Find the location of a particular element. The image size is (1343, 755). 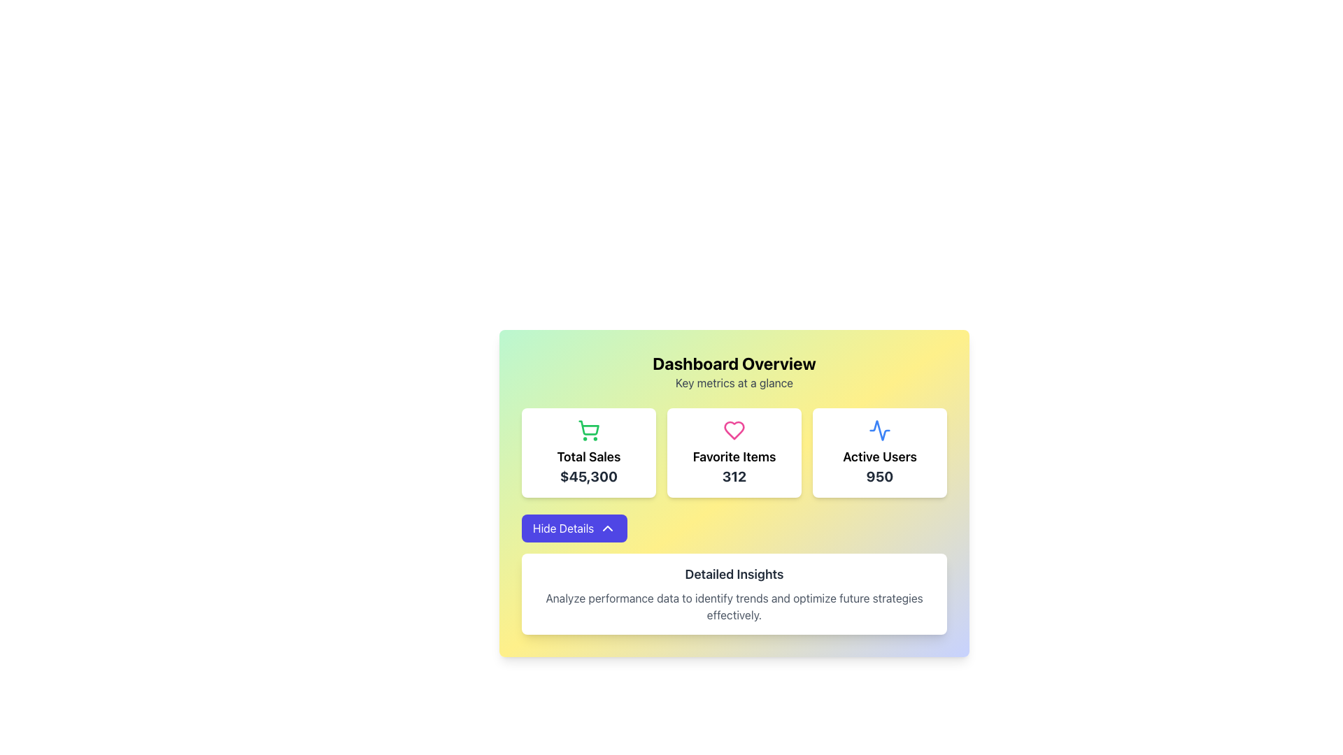

the informational text located in the 'Detailed Insights' section, positioned just below the heading, which provides additional context about the insights is located at coordinates (734, 605).